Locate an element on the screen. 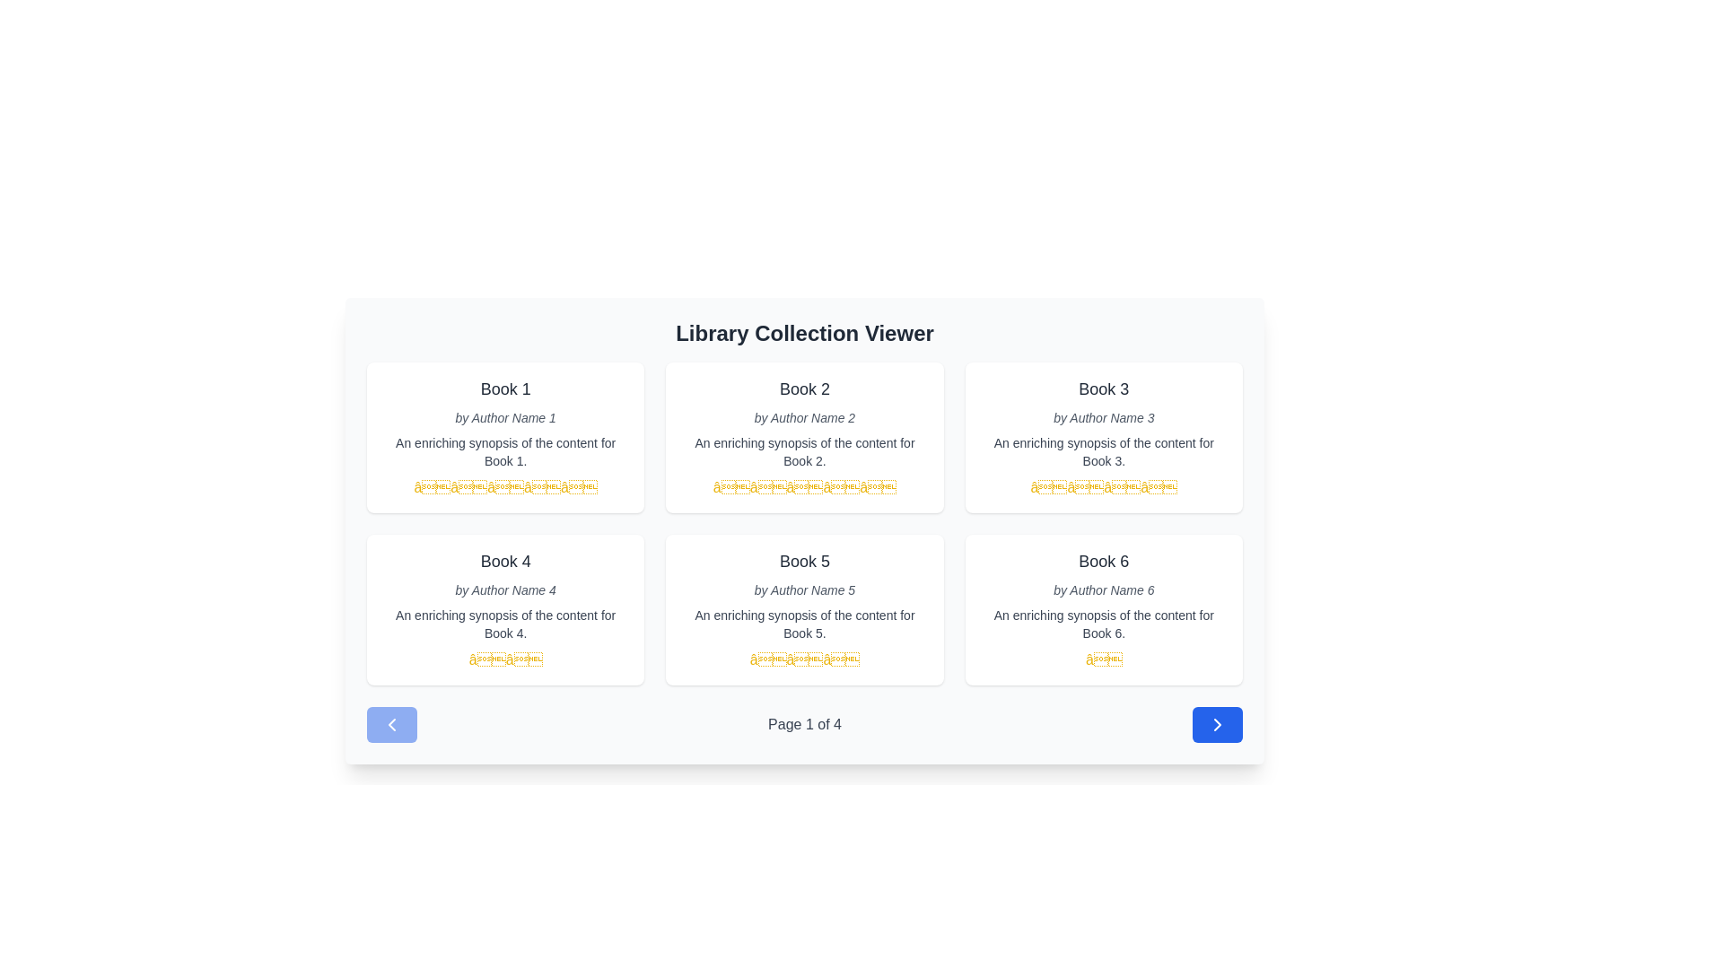  the first yellow star icon in the series of five stars below the title, author name, and synopsis of 'Book 2' is located at coordinates (731, 487).